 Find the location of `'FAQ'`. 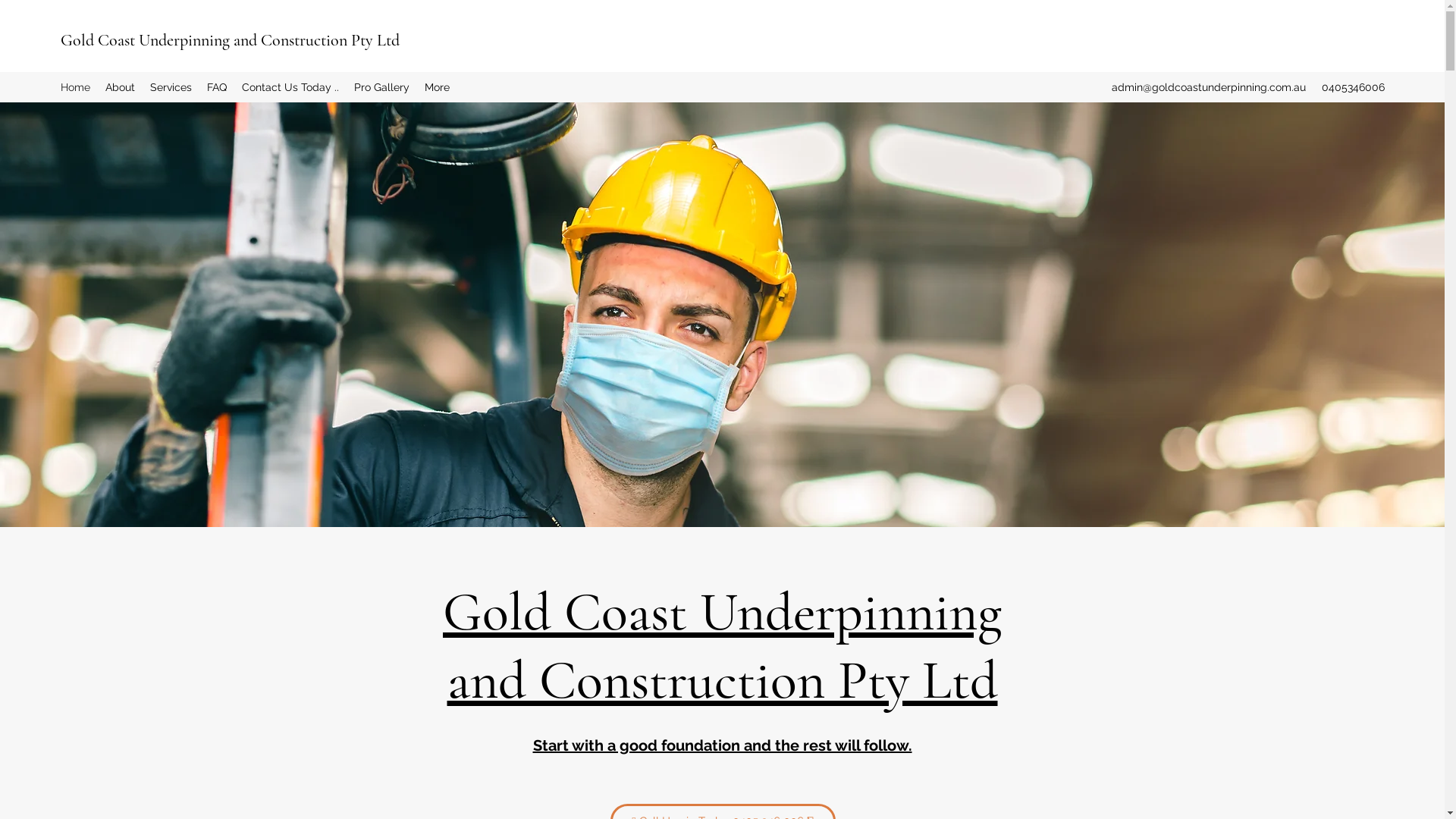

'FAQ' is located at coordinates (216, 87).